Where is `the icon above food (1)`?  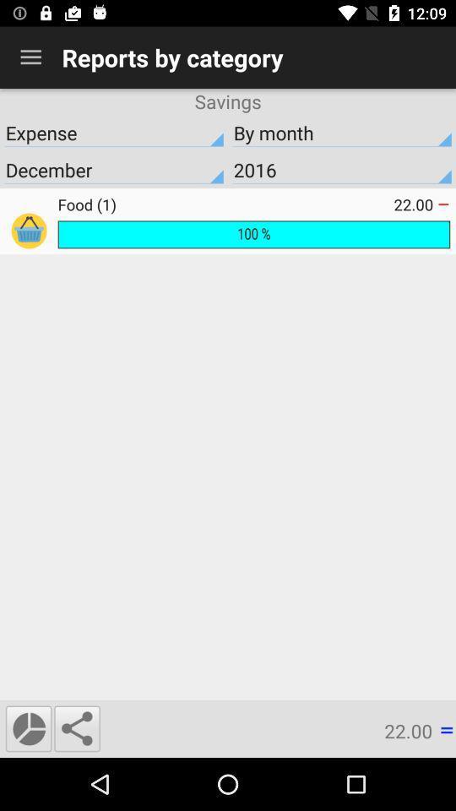 the icon above food (1) is located at coordinates (114, 170).